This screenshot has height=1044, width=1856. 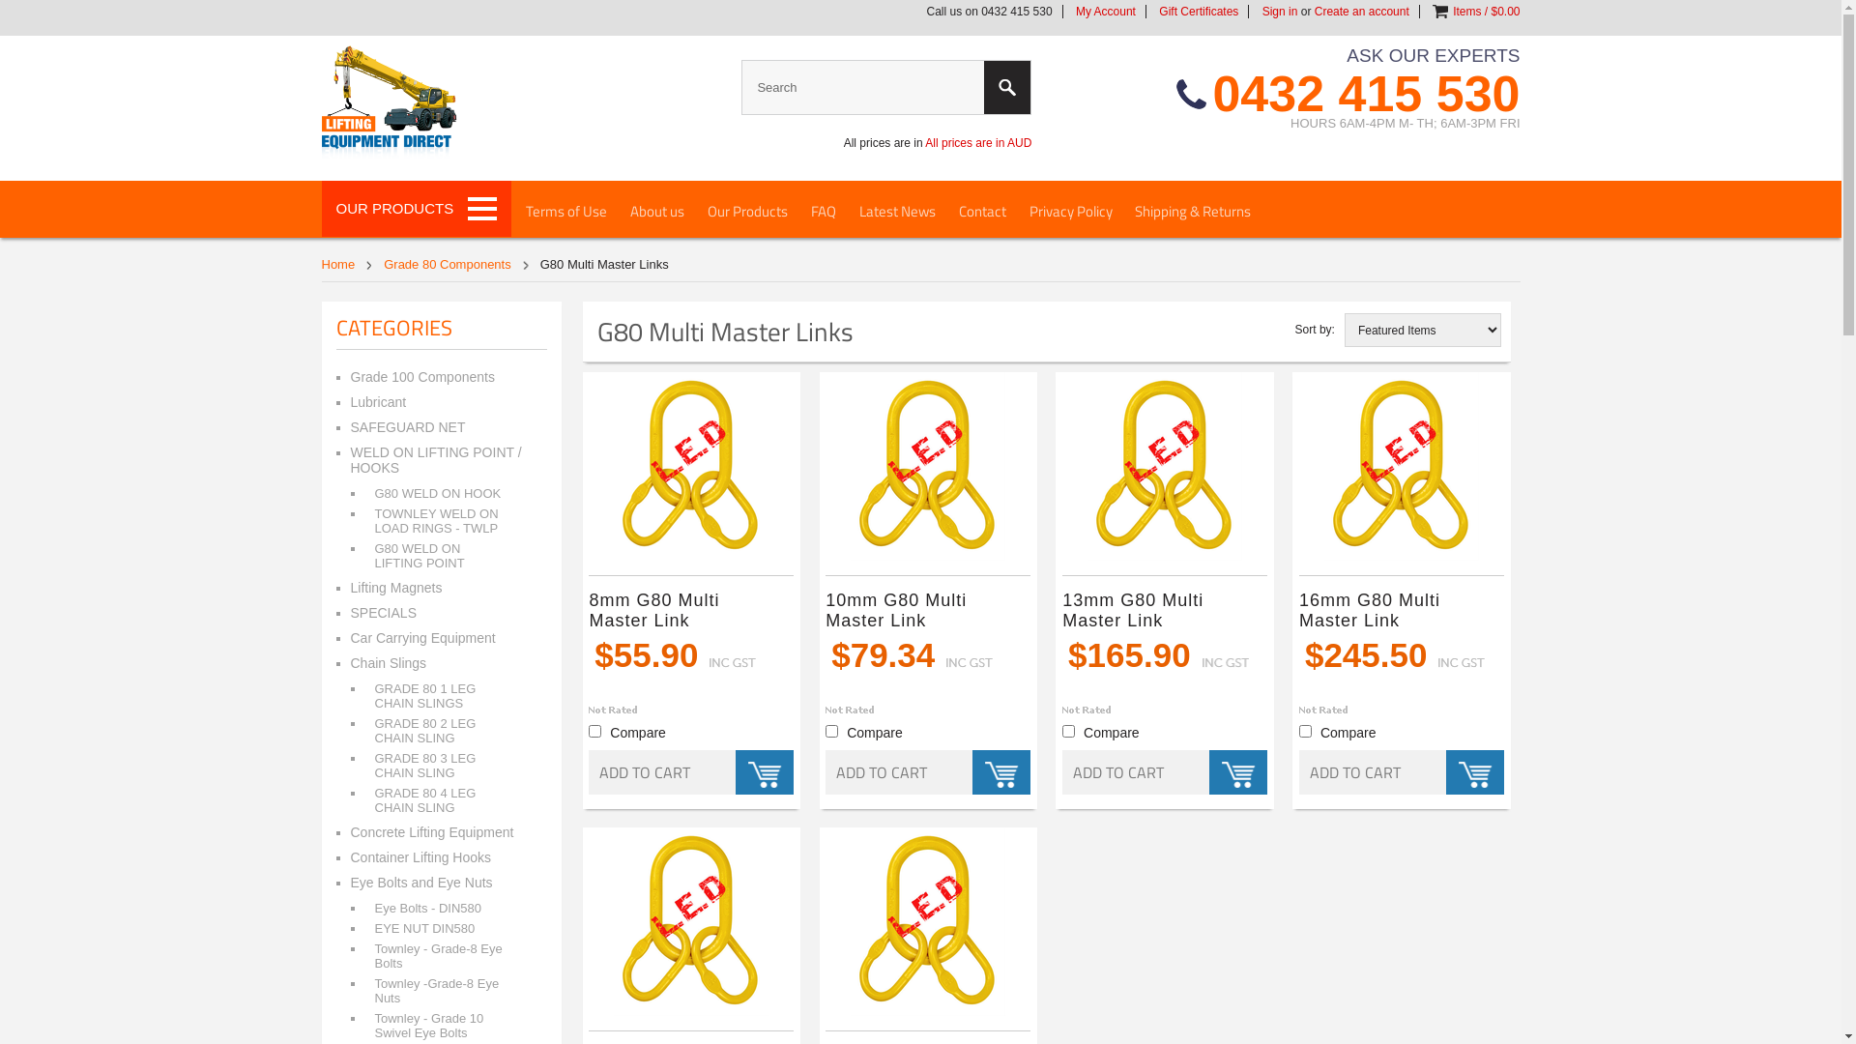 I want to click on 'Lubricant', so click(x=437, y=401).